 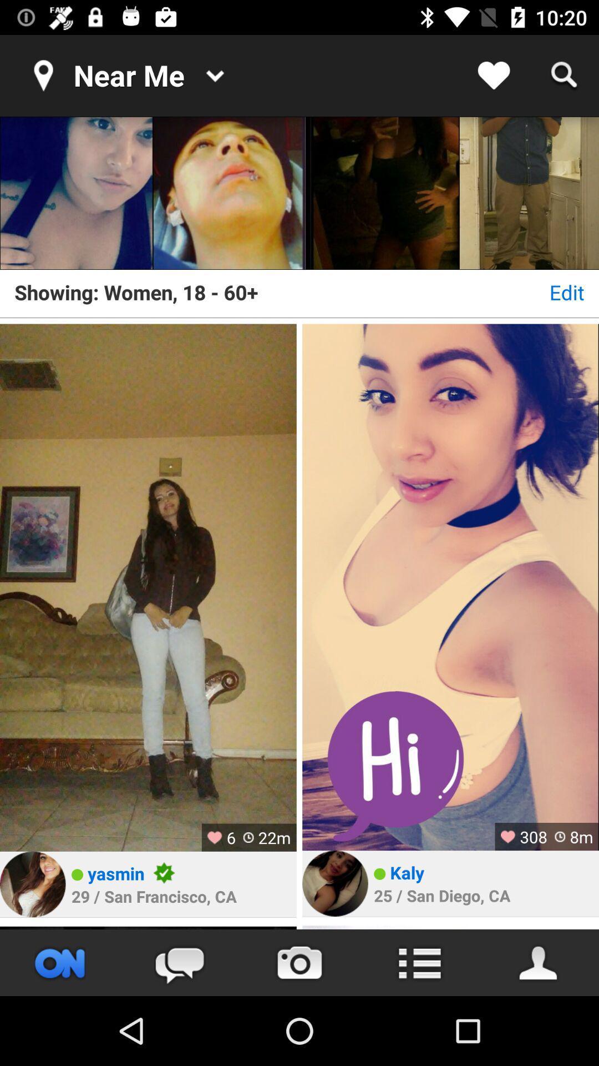 I want to click on preview the profile, so click(x=450, y=927).